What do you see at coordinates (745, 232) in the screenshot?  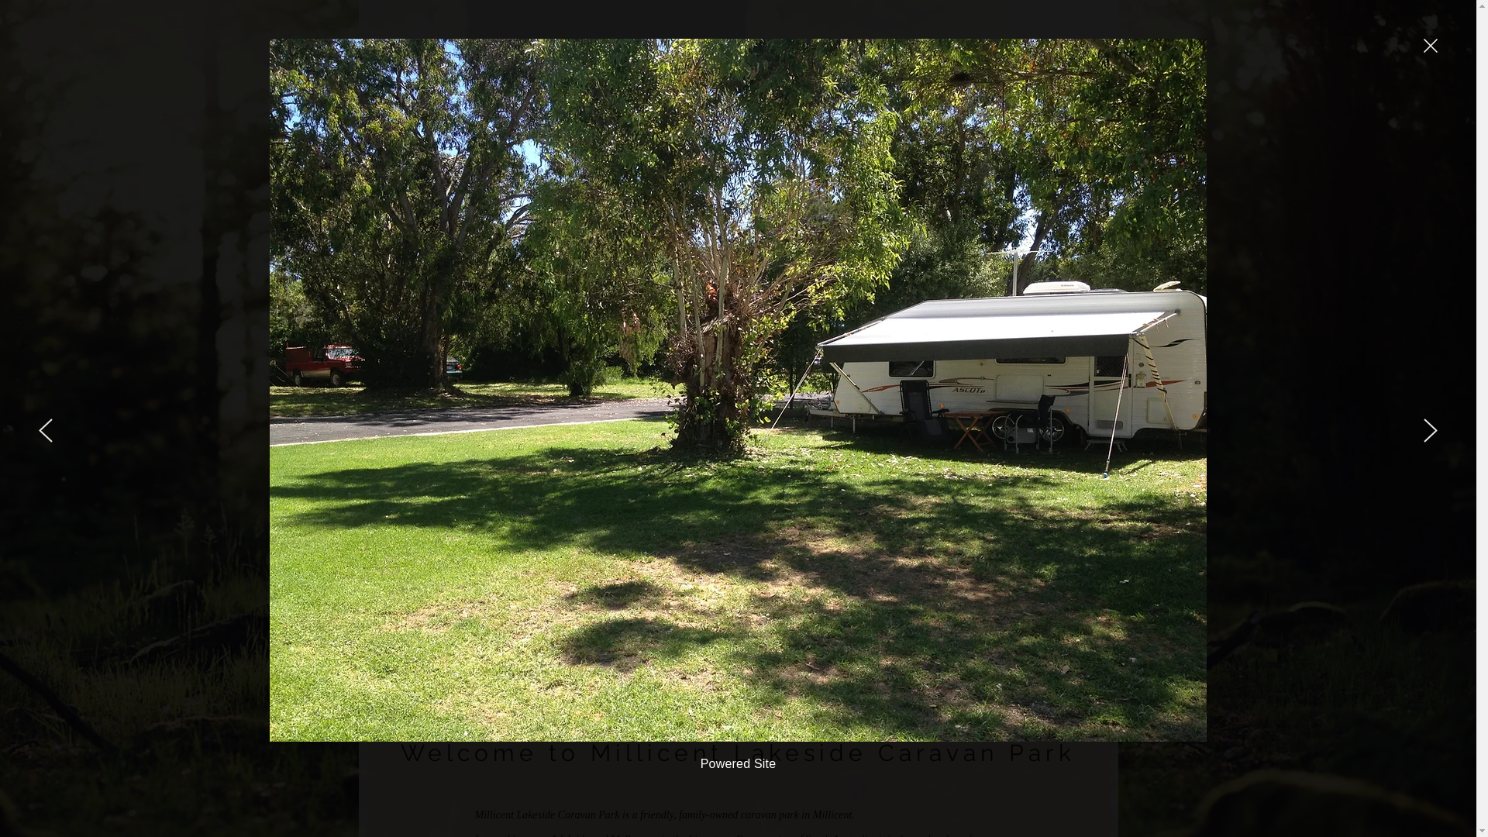 I see `'ABOUT US'` at bounding box center [745, 232].